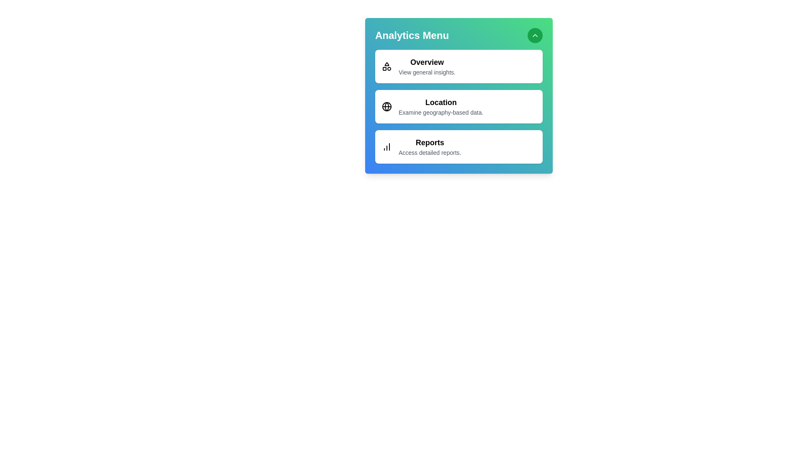  What do you see at coordinates (387, 146) in the screenshot?
I see `the icon associated with Reports to perform its action` at bounding box center [387, 146].